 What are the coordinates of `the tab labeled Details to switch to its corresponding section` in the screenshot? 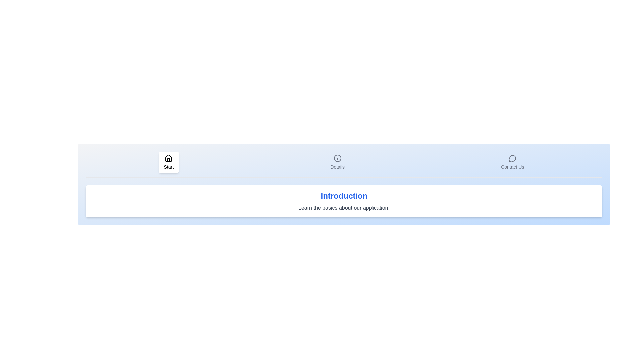 It's located at (338, 162).